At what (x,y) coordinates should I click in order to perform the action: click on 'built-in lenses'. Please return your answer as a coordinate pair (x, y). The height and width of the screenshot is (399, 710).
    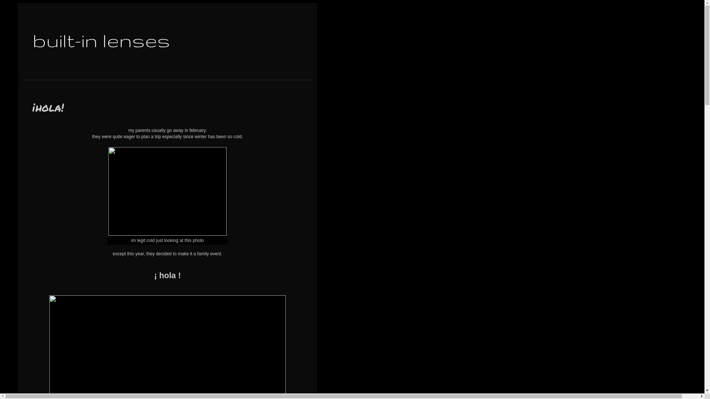
    Looking at the image, I should click on (101, 40).